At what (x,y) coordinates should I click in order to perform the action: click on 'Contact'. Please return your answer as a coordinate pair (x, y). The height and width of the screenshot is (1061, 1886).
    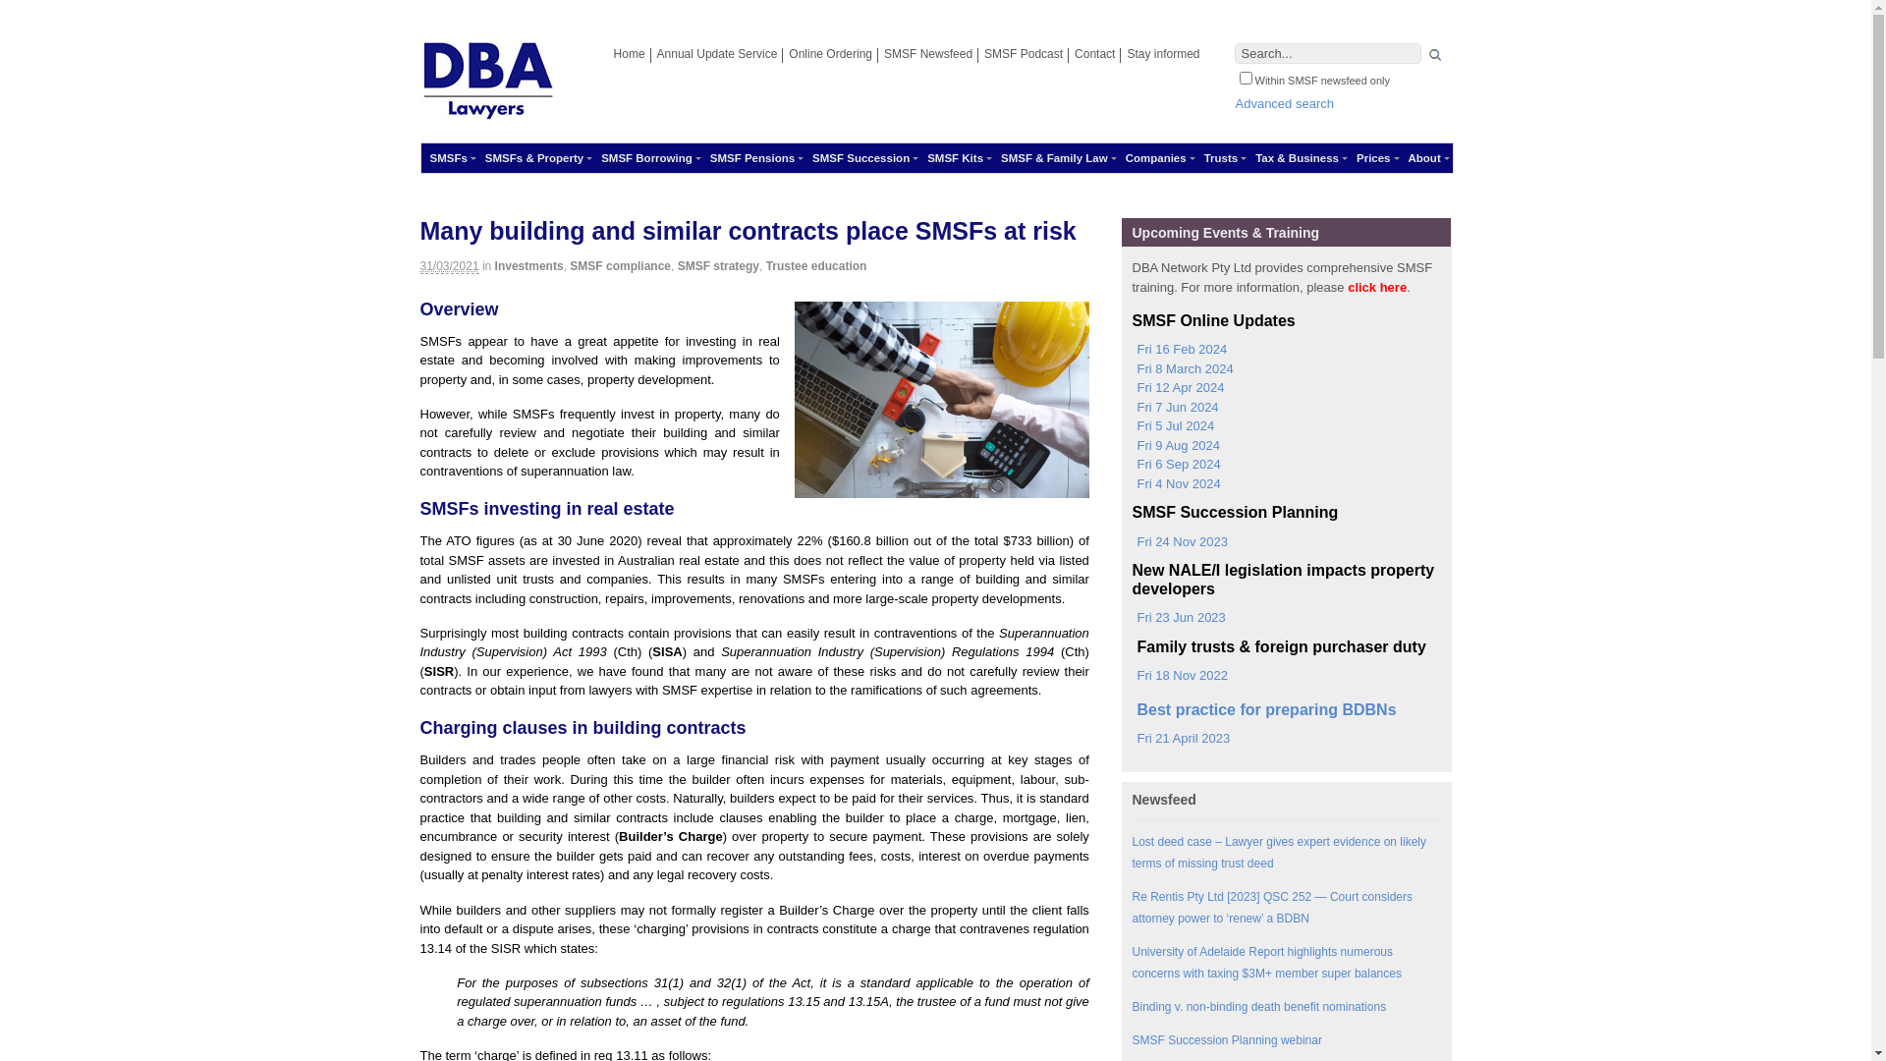
    Looking at the image, I should click on (1093, 53).